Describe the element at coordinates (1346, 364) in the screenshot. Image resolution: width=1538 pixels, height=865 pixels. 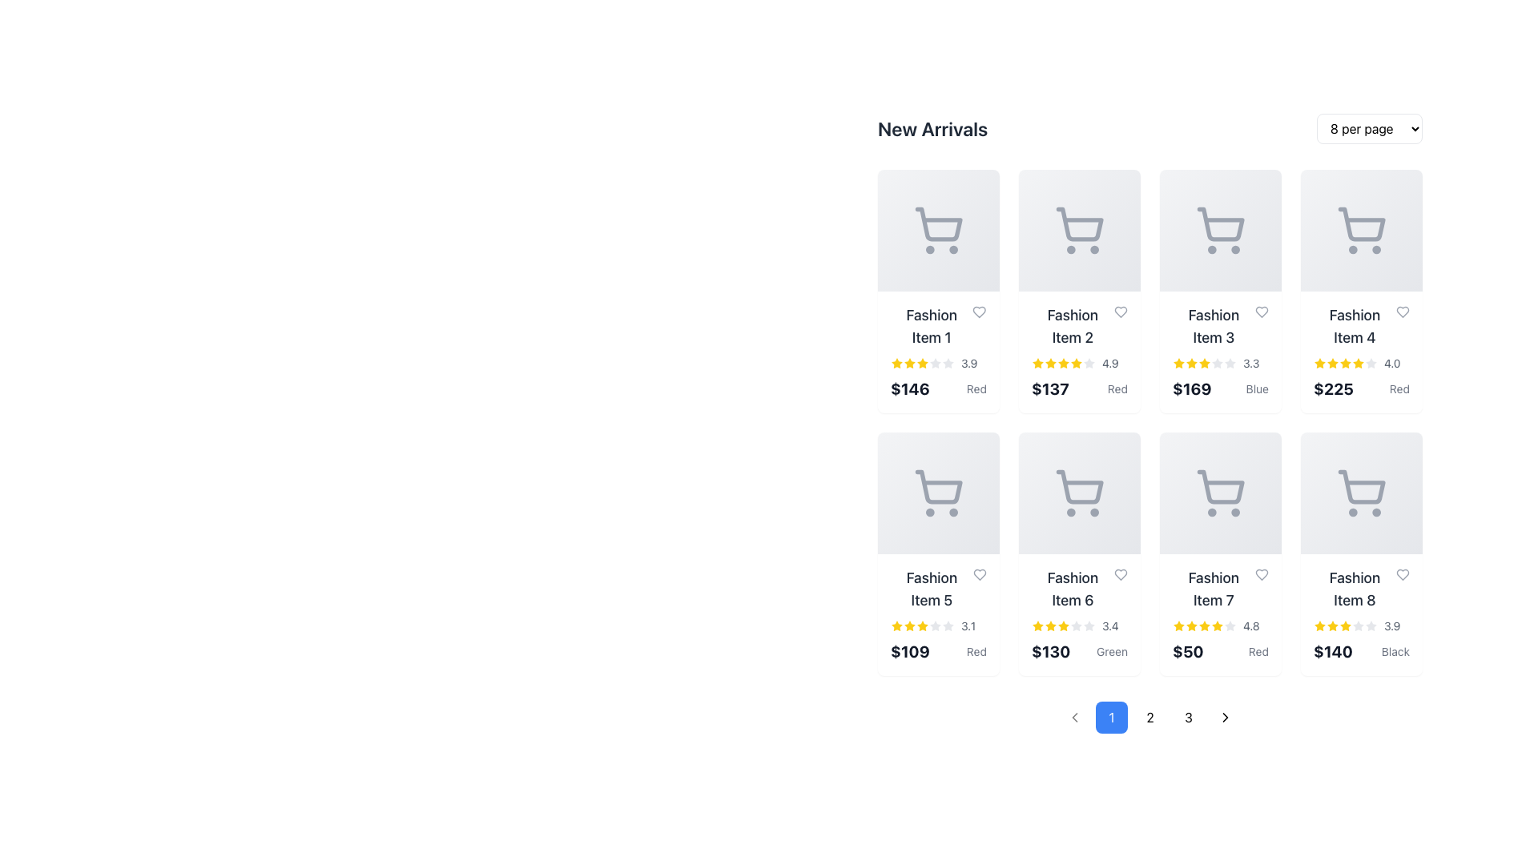
I see `the yellow star icon representing the fourth star in the rating system for 'Fashion Item 4'` at that location.